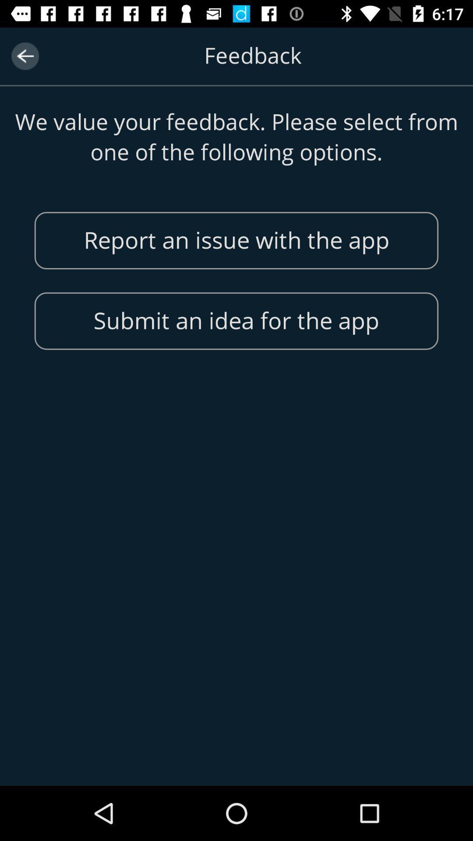  What do you see at coordinates (25, 56) in the screenshot?
I see `the arrow_backward icon` at bounding box center [25, 56].